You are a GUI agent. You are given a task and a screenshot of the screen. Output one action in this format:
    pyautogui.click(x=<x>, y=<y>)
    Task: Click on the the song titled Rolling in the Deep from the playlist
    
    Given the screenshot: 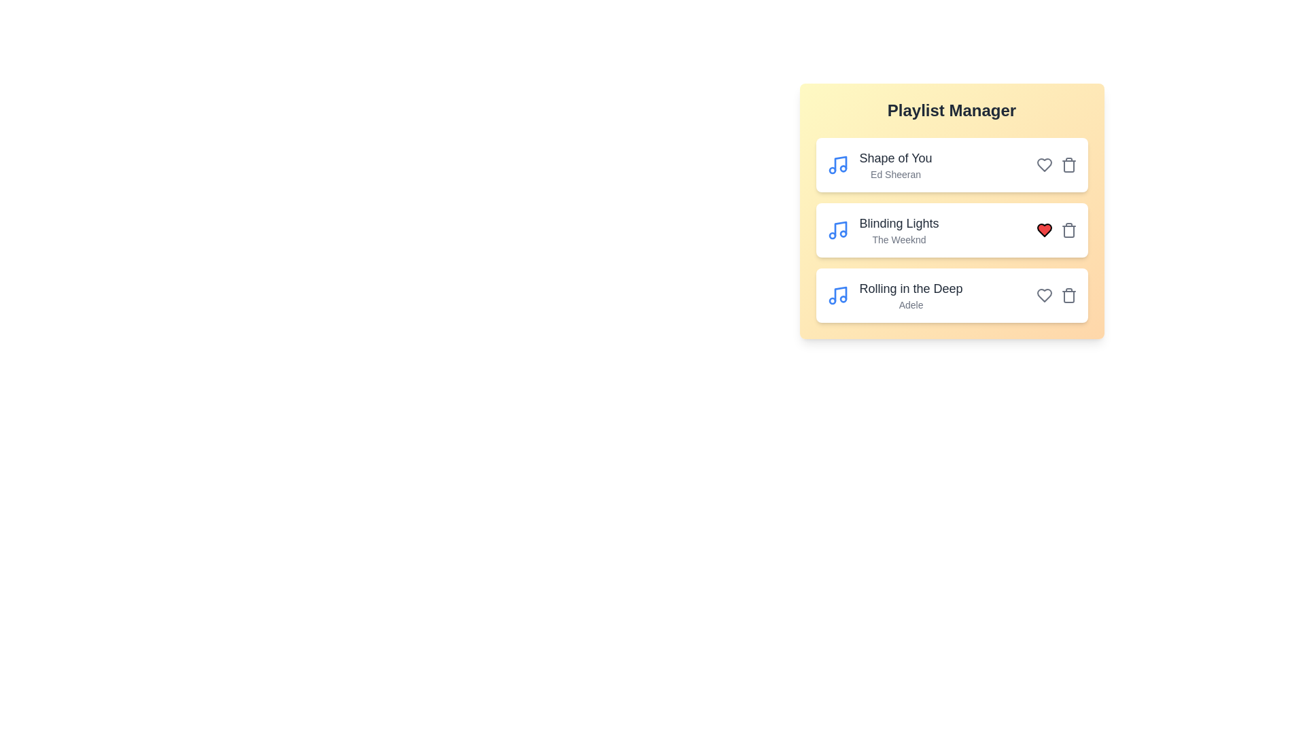 What is the action you would take?
    pyautogui.click(x=1068, y=295)
    